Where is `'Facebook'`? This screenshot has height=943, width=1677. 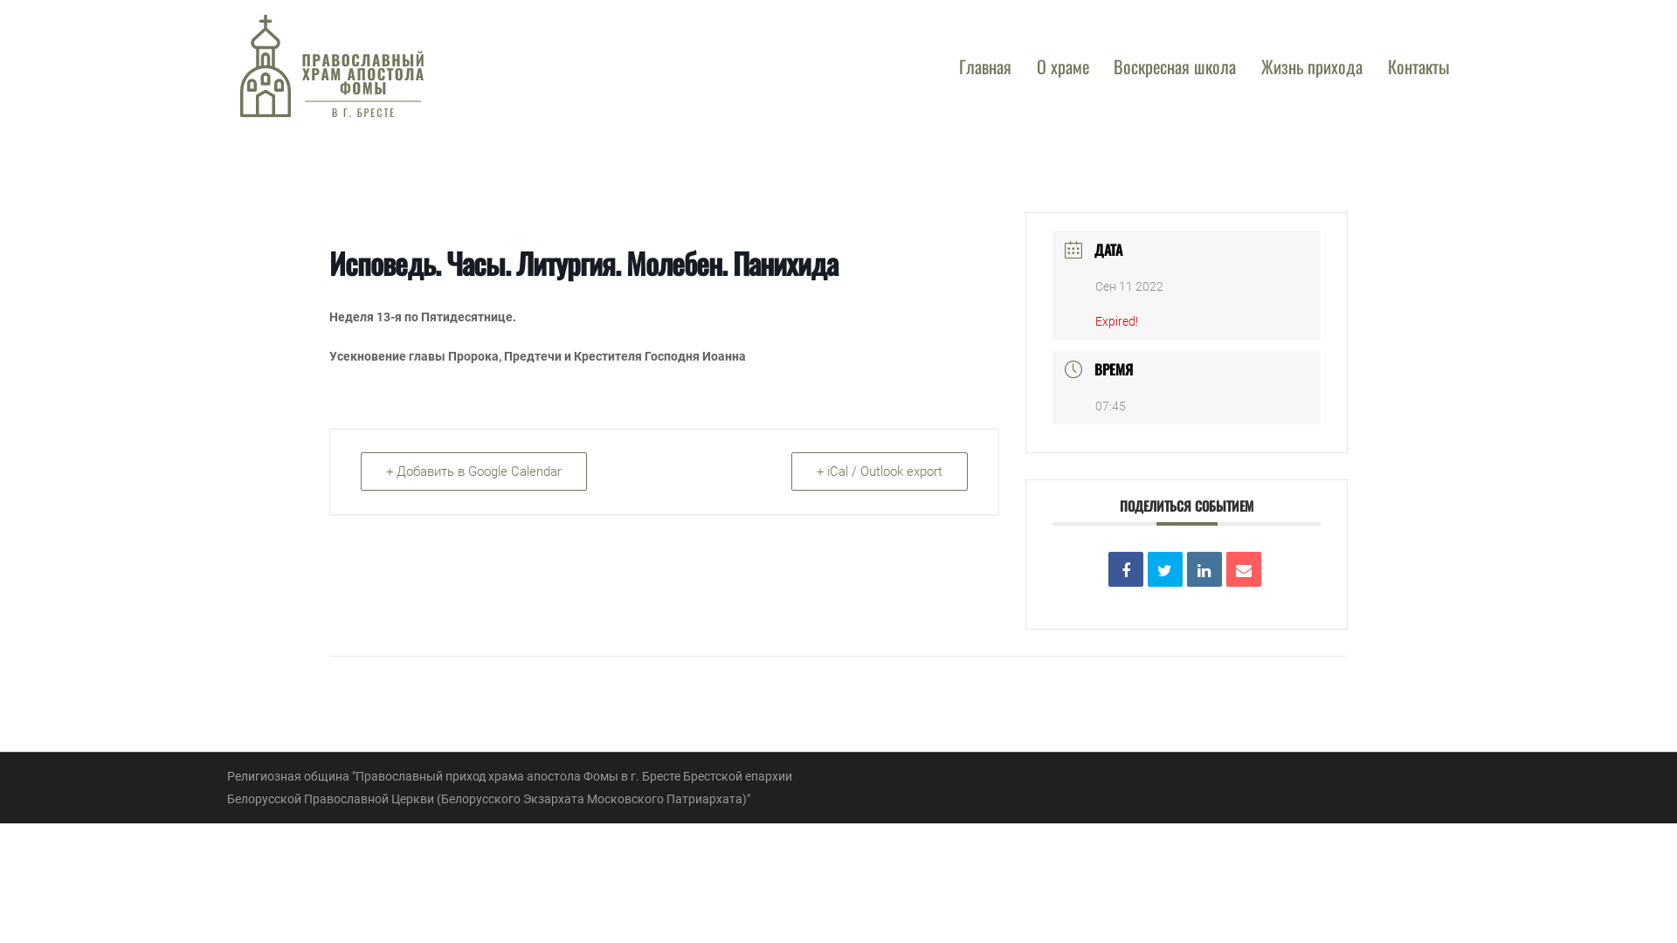
'Facebook' is located at coordinates (1126, 568).